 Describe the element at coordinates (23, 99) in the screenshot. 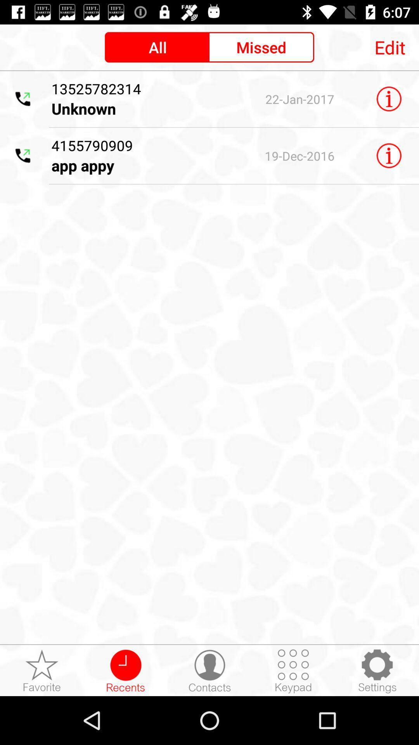

I see `the first outgoing call symbol` at that location.